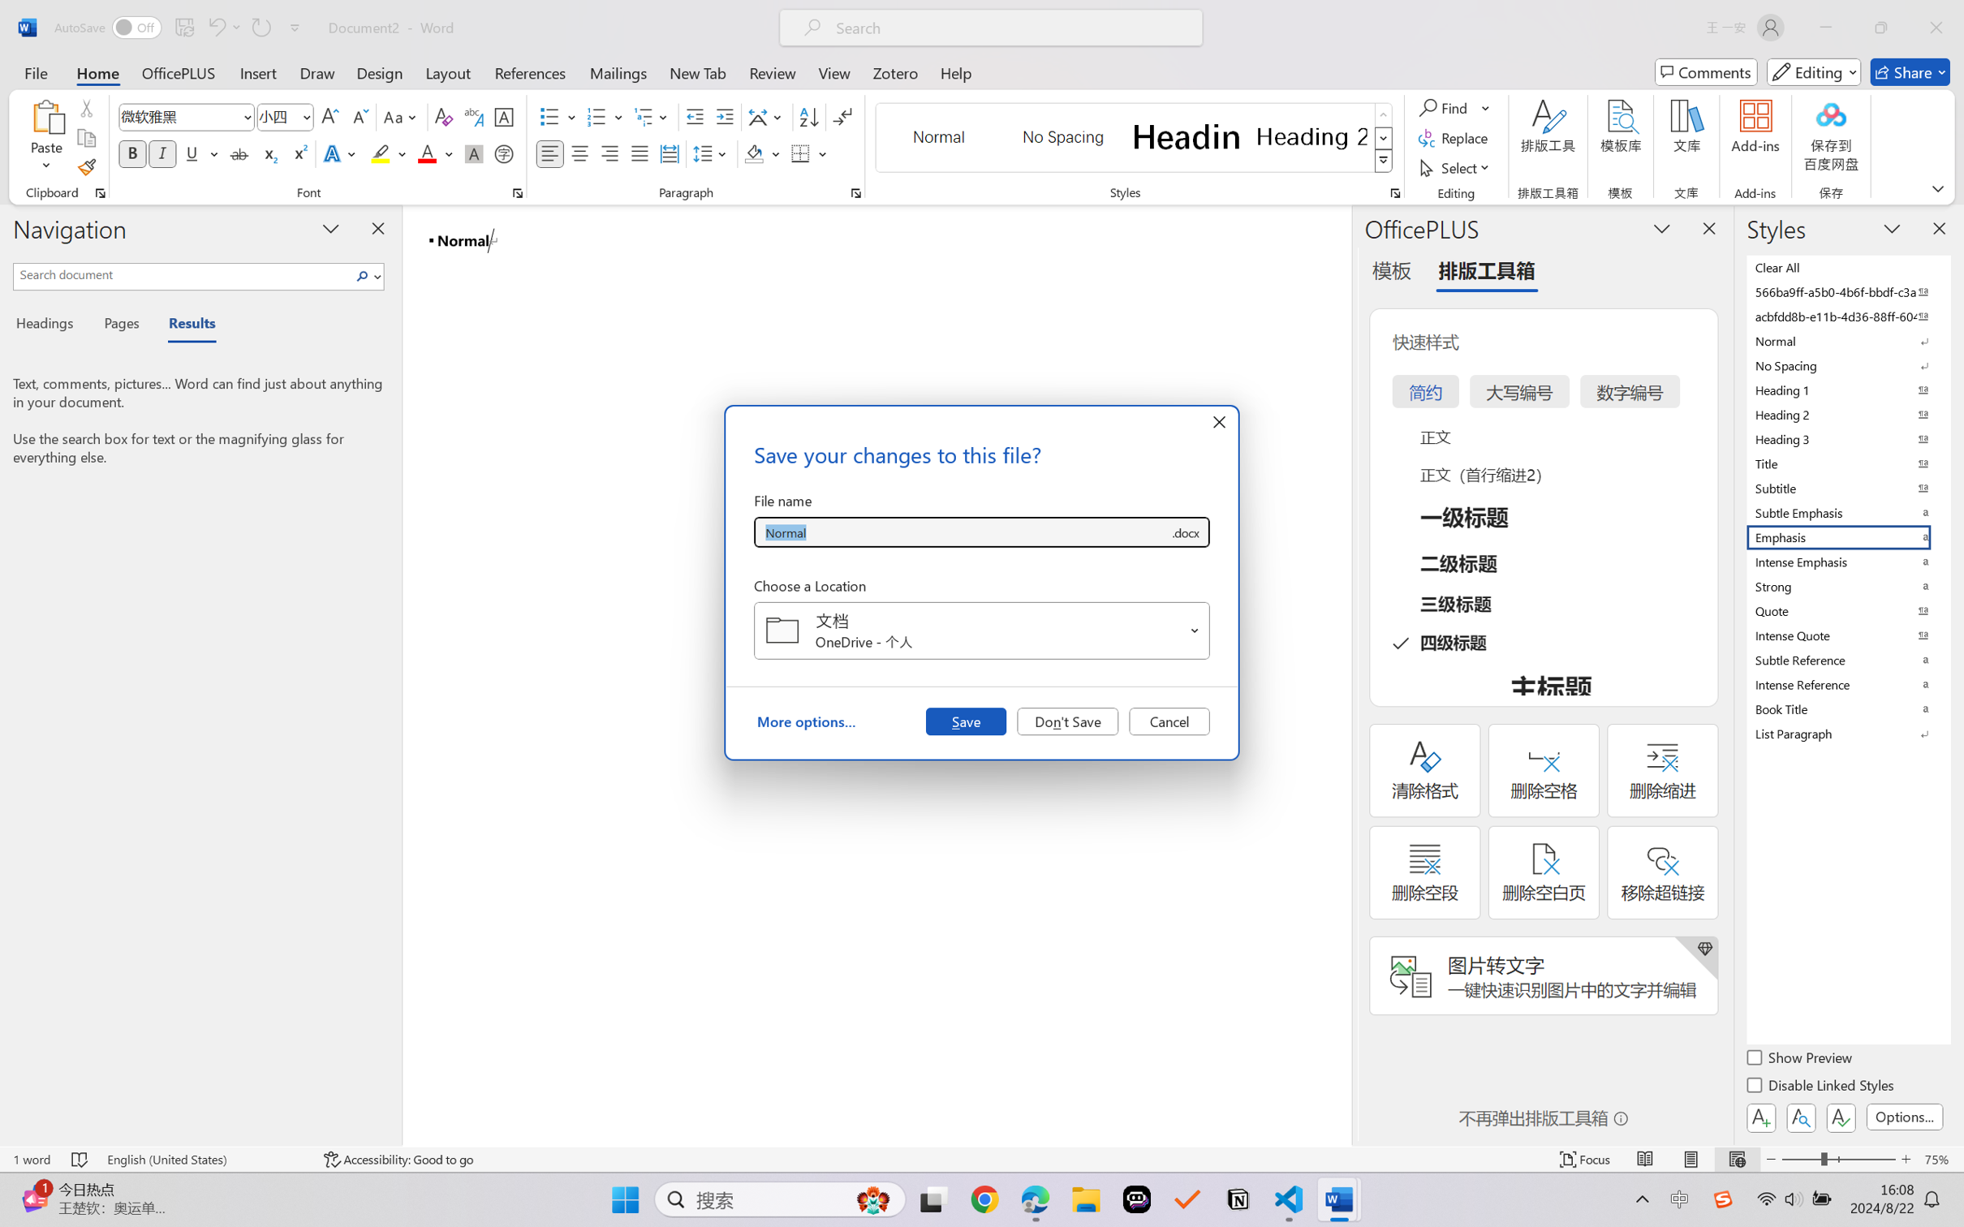  What do you see at coordinates (268, 153) in the screenshot?
I see `'Subscript'` at bounding box center [268, 153].